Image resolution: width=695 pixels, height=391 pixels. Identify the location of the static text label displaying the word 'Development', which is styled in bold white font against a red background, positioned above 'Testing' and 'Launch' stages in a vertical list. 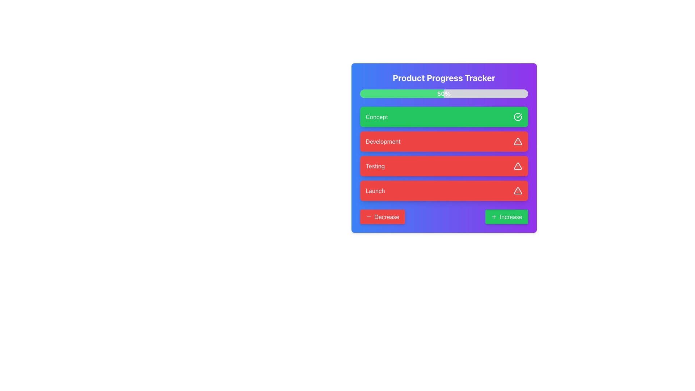
(383, 141).